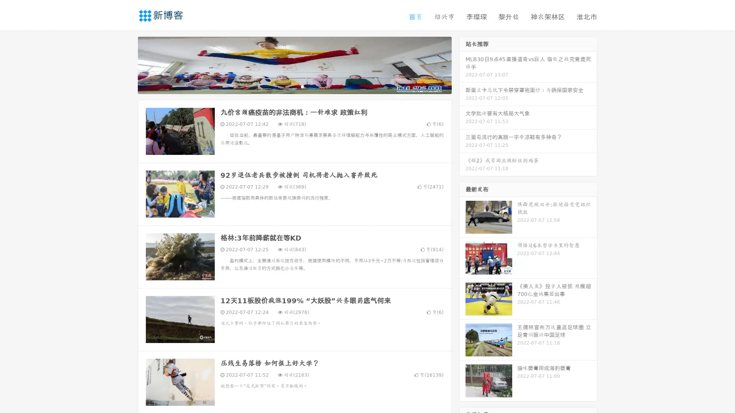 The image size is (735, 413). Describe the element at coordinates (126, 64) in the screenshot. I see `Previous slide` at that location.